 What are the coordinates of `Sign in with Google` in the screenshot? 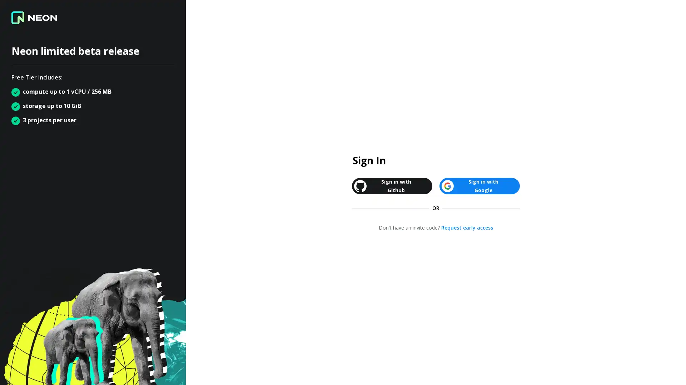 It's located at (479, 185).